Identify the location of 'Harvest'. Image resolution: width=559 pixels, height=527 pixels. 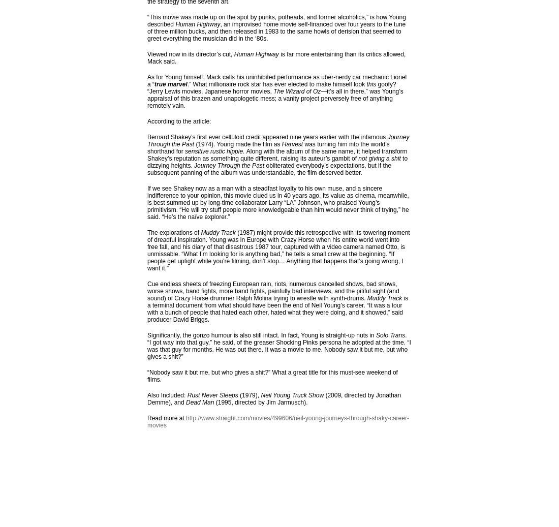
(292, 143).